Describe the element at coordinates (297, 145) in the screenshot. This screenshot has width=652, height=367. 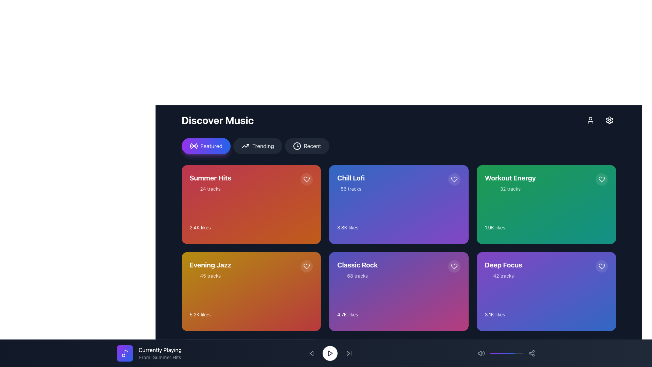
I see `circular element representing the 'Recent' tag within the clock icon located to the right of the 'Trending' button in the top navigation bar` at that location.